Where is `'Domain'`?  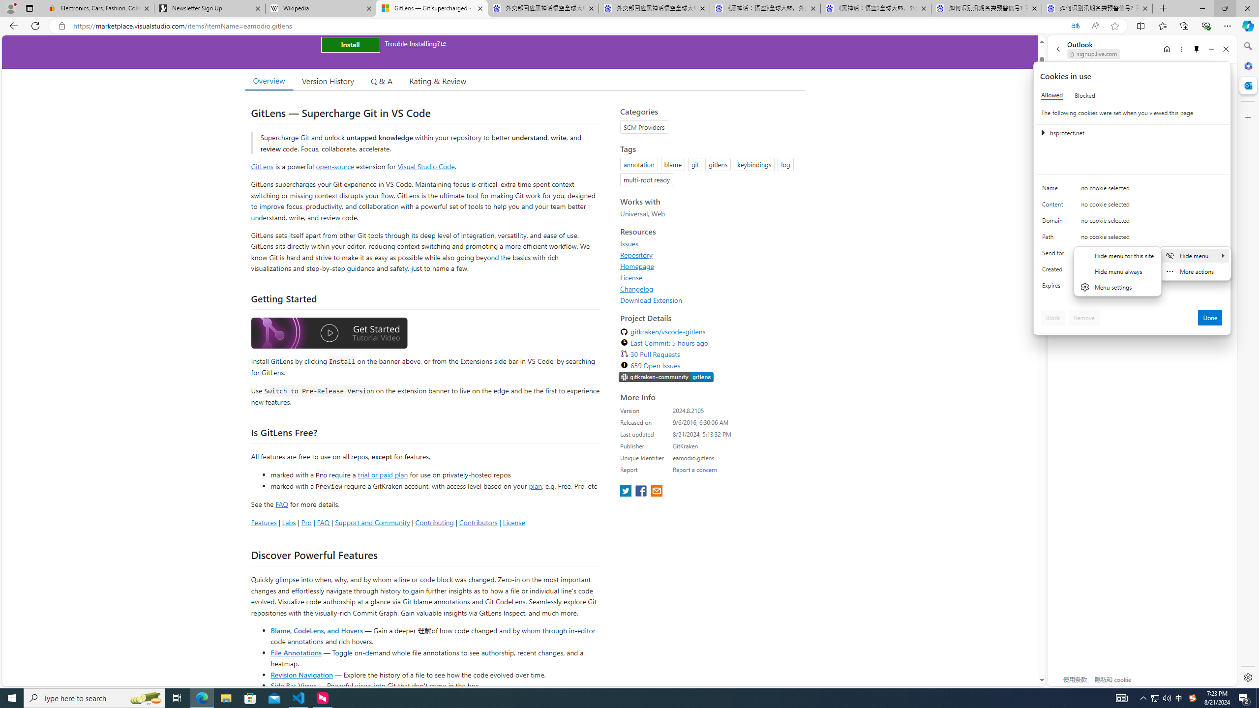 'Domain' is located at coordinates (1054, 222).